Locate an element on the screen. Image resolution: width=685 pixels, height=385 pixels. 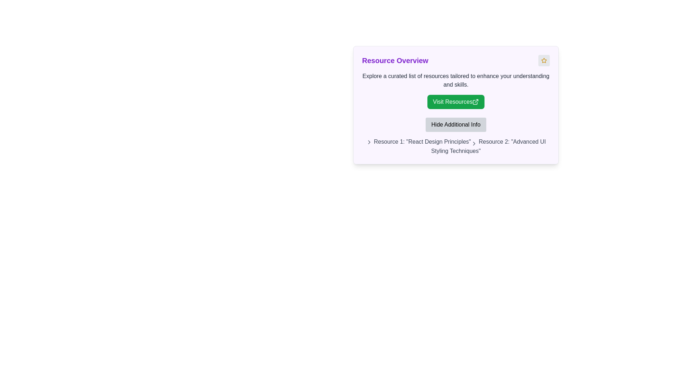
the chevron icon located to the left of the text labeled 'Resource 1: "React Design Principles"' which serves as a visual indicator in the resources list is located at coordinates (369, 142).